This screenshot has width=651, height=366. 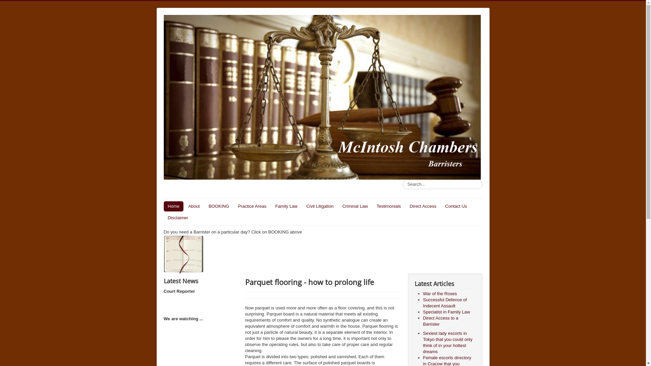 What do you see at coordinates (389, 206) in the screenshot?
I see `'Testimonials'` at bounding box center [389, 206].